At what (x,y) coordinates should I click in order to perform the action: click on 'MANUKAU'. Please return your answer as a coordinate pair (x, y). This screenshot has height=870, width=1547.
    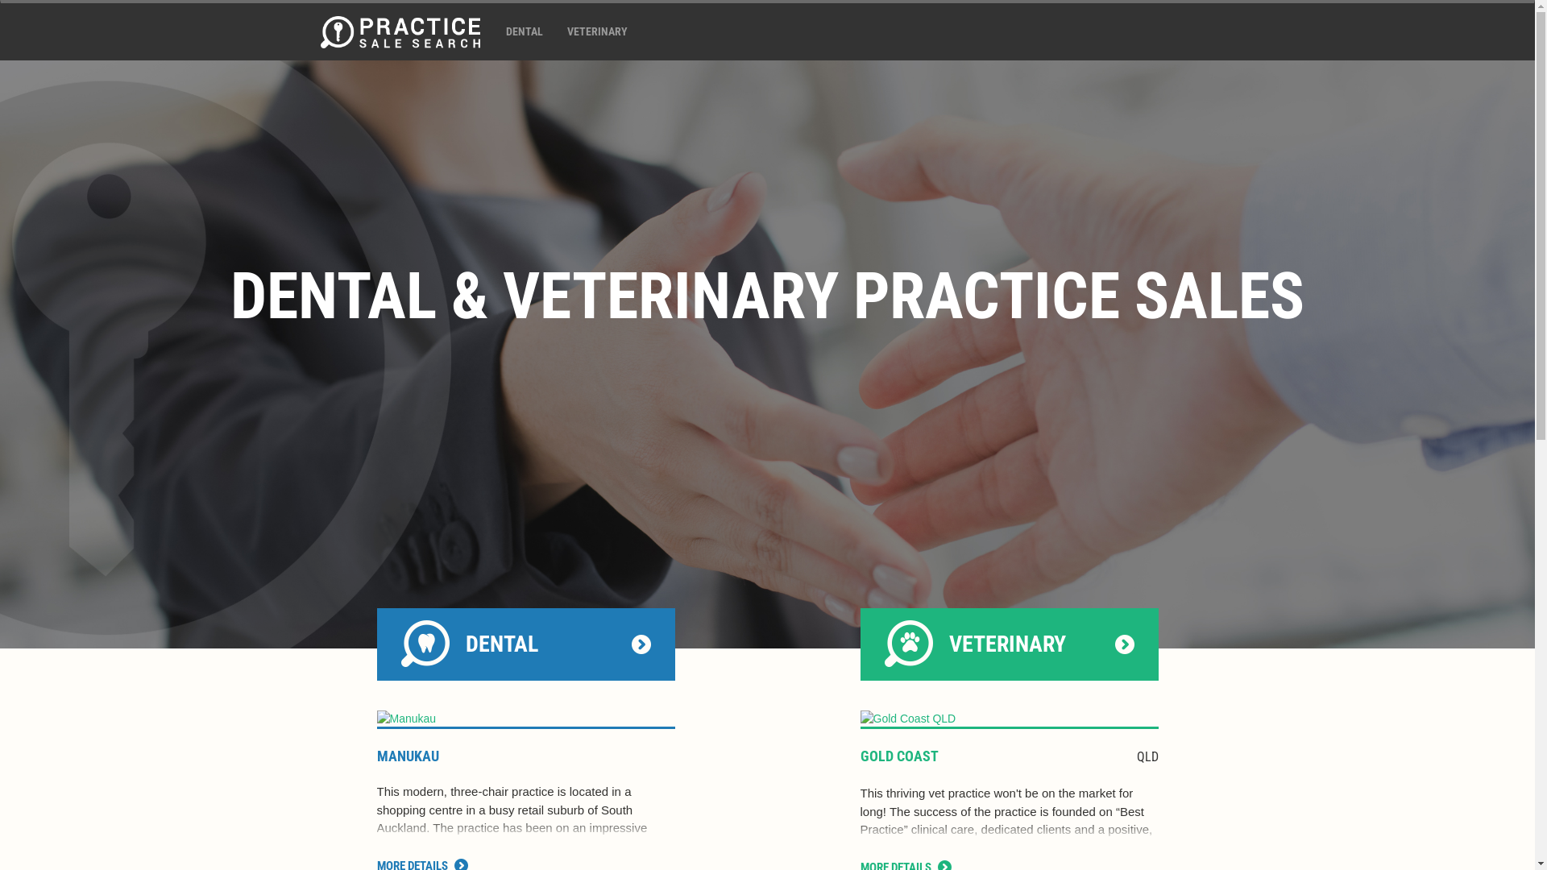
    Looking at the image, I should click on (408, 756).